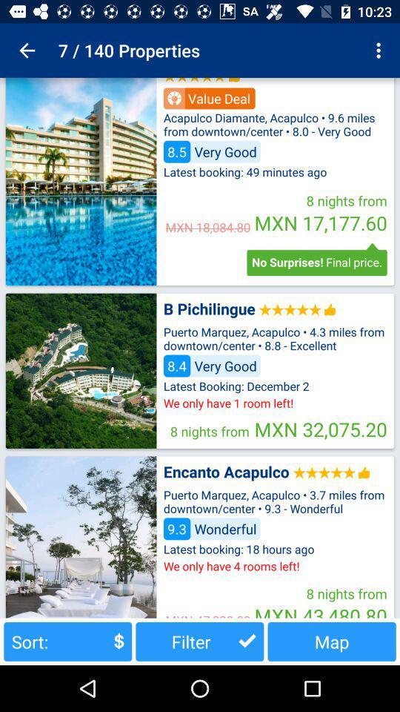  I want to click on the app below mxn 43 480, so click(332, 641).